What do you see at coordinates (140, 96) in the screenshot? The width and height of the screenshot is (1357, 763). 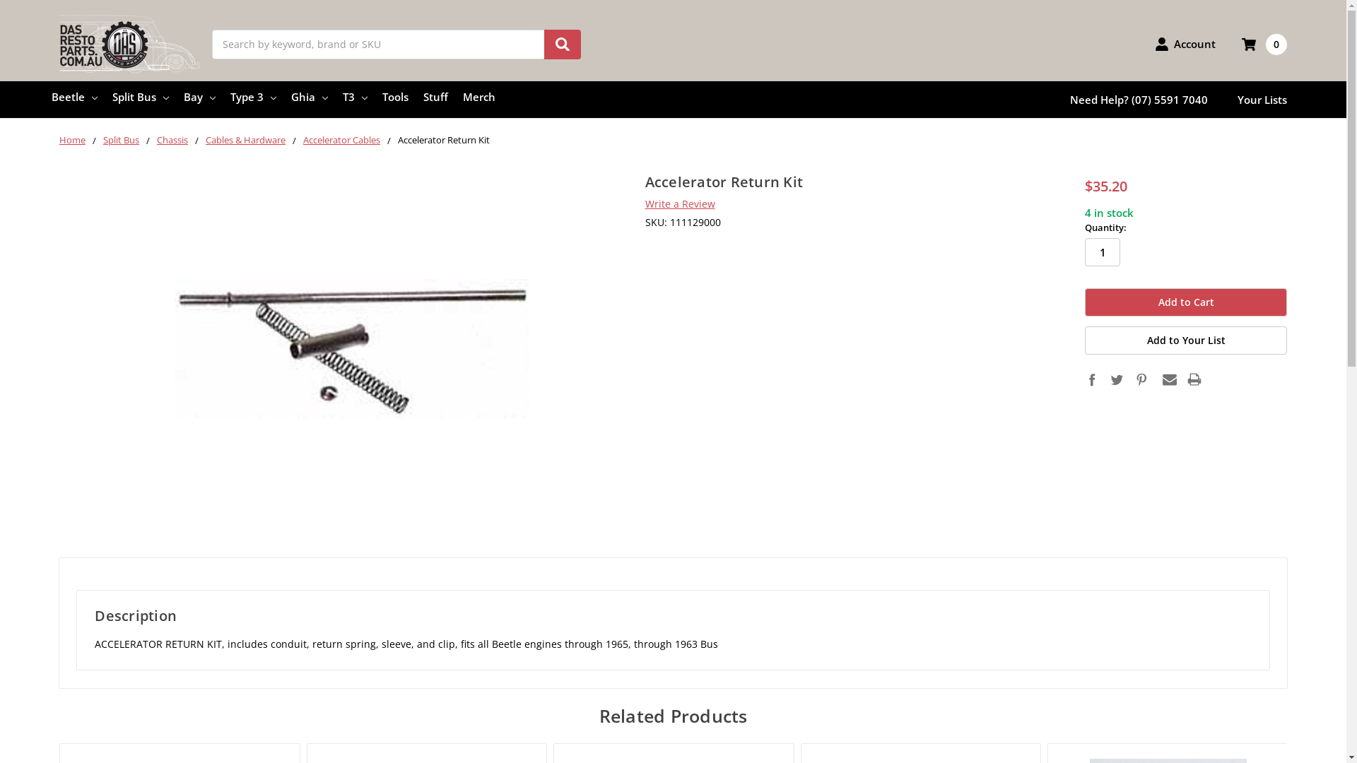 I see `'Split Bus'` at bounding box center [140, 96].